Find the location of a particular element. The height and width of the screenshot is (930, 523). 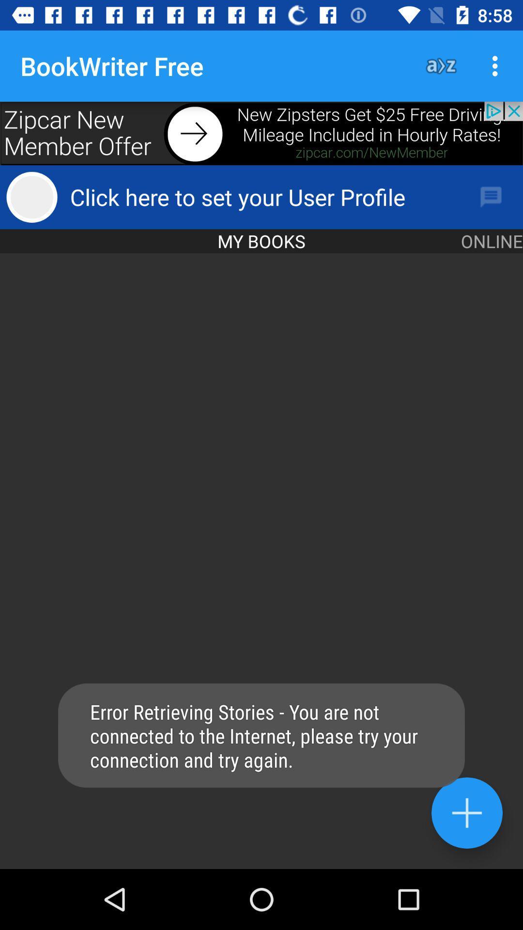

the add icon is located at coordinates (466, 813).